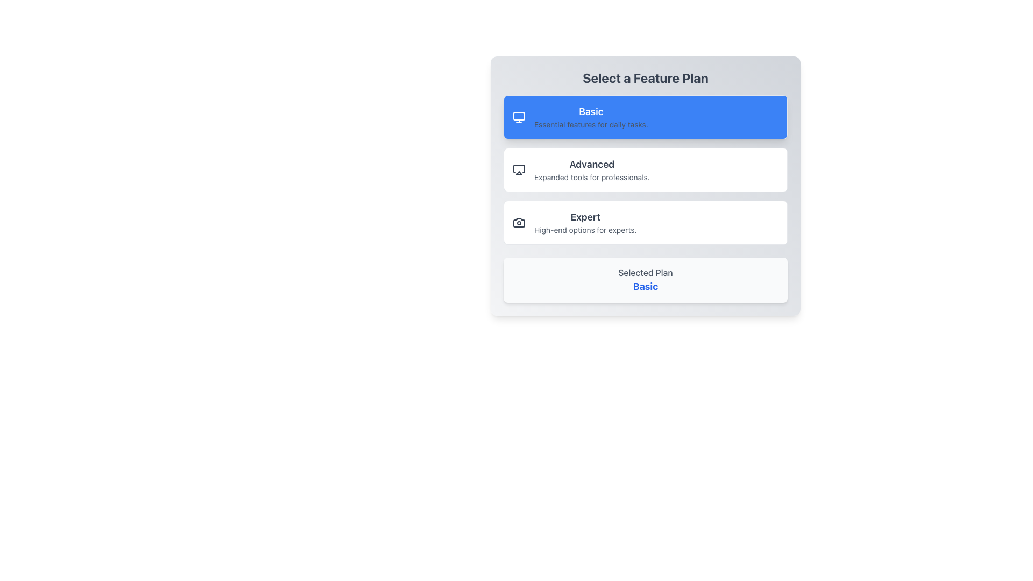 This screenshot has width=1033, height=581. I want to click on the descriptive text element that provides additional information about the 'Expert' feature plan option, located below the 'Expert' title in the UI, so click(585, 230).